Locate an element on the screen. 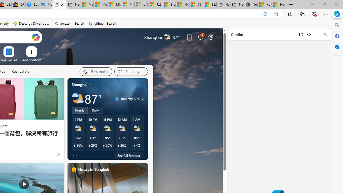 The height and width of the screenshot is (193, 343). 'Copilot (Ctrl+Shift+.)' is located at coordinates (337, 14).